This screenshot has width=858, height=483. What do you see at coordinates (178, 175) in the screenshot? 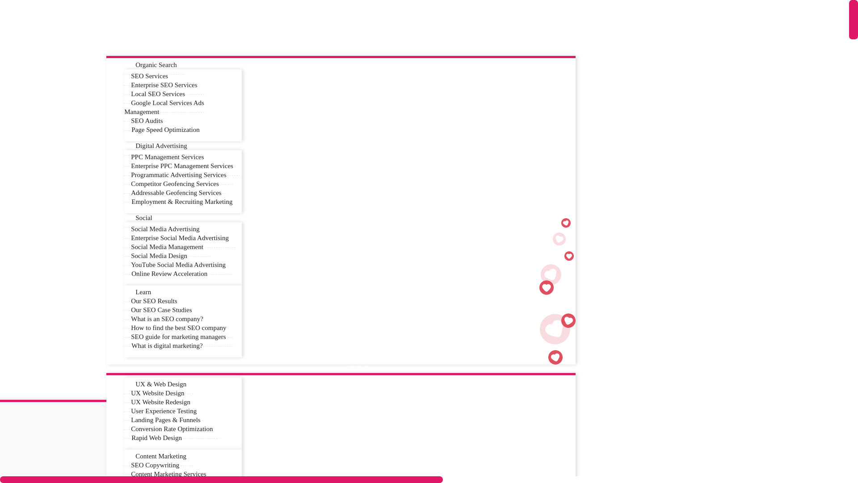
I see `'Programmatic Advertising Services'` at bounding box center [178, 175].